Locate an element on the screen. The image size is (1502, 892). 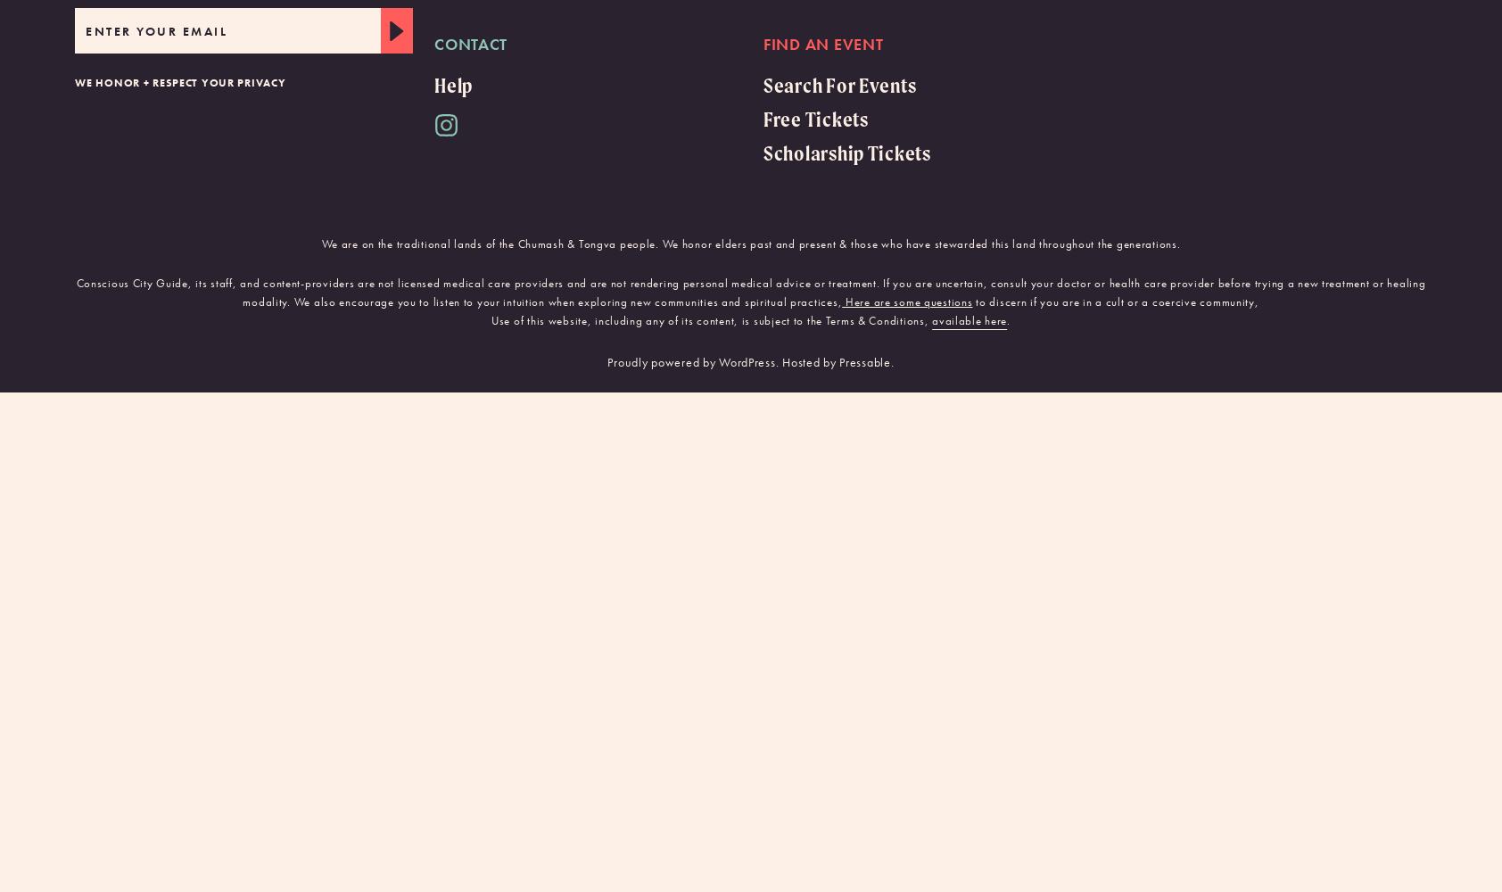
'Search For Events' is located at coordinates (762, 84).